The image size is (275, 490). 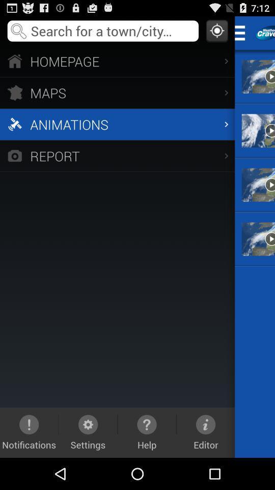 What do you see at coordinates (216, 33) in the screenshot?
I see `the location_crosshair icon` at bounding box center [216, 33].